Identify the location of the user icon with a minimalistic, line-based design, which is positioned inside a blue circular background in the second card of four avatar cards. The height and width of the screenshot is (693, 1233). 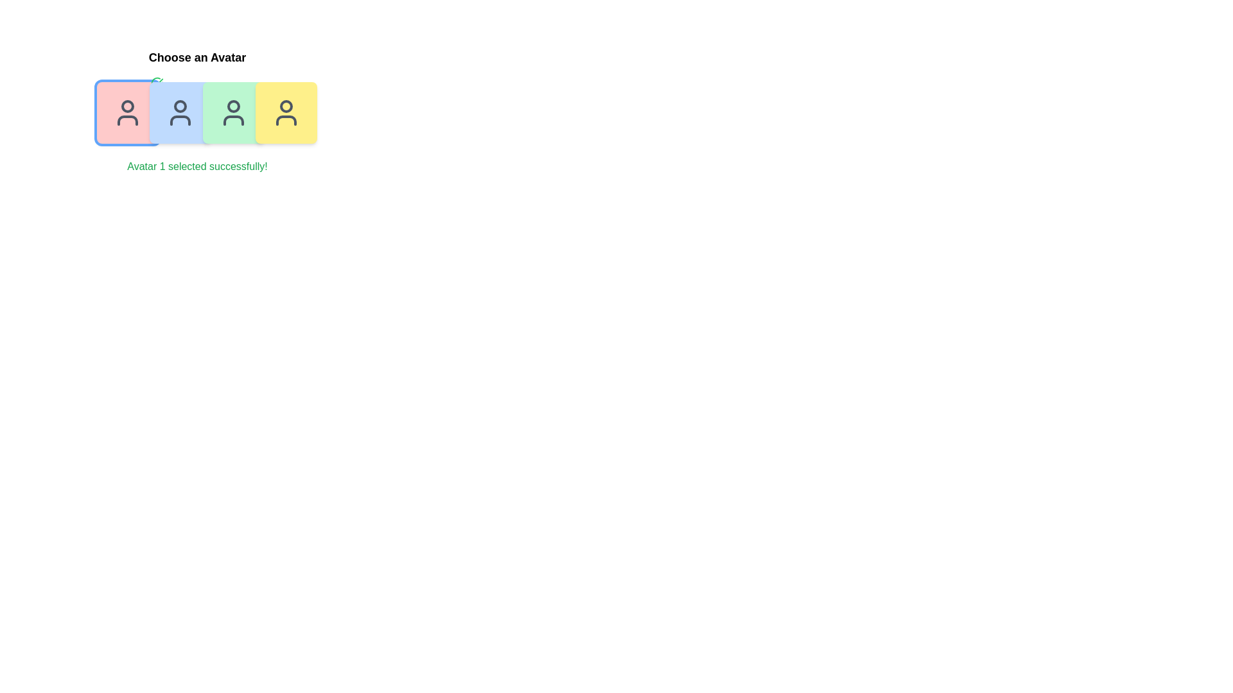
(180, 112).